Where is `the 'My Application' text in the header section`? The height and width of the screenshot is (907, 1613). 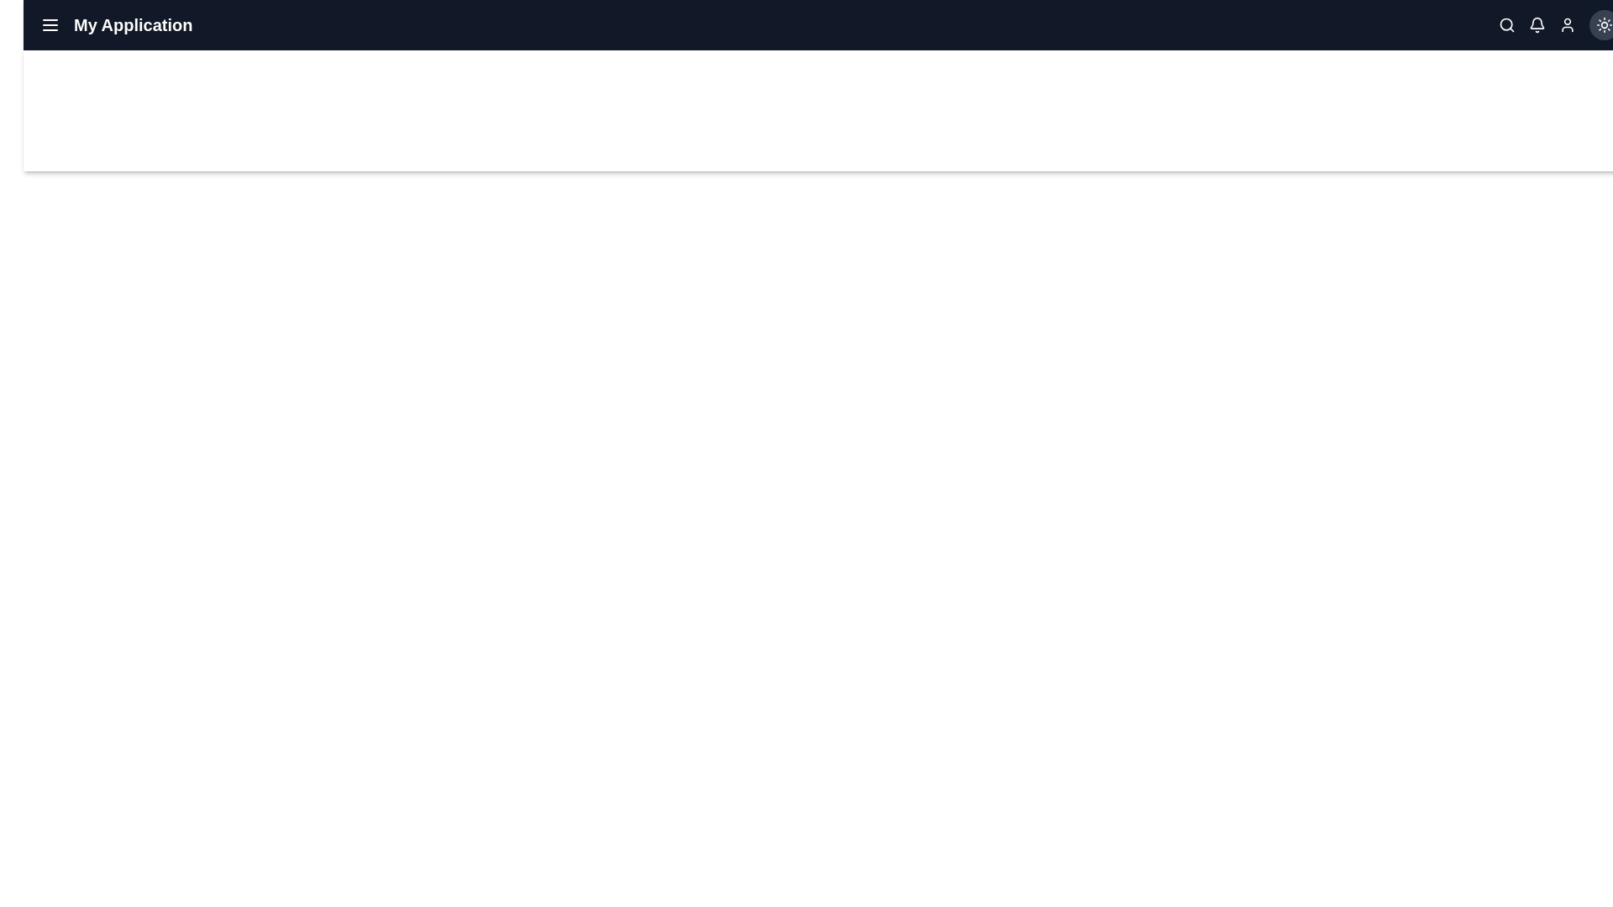 the 'My Application' text in the header section is located at coordinates (115, 25).